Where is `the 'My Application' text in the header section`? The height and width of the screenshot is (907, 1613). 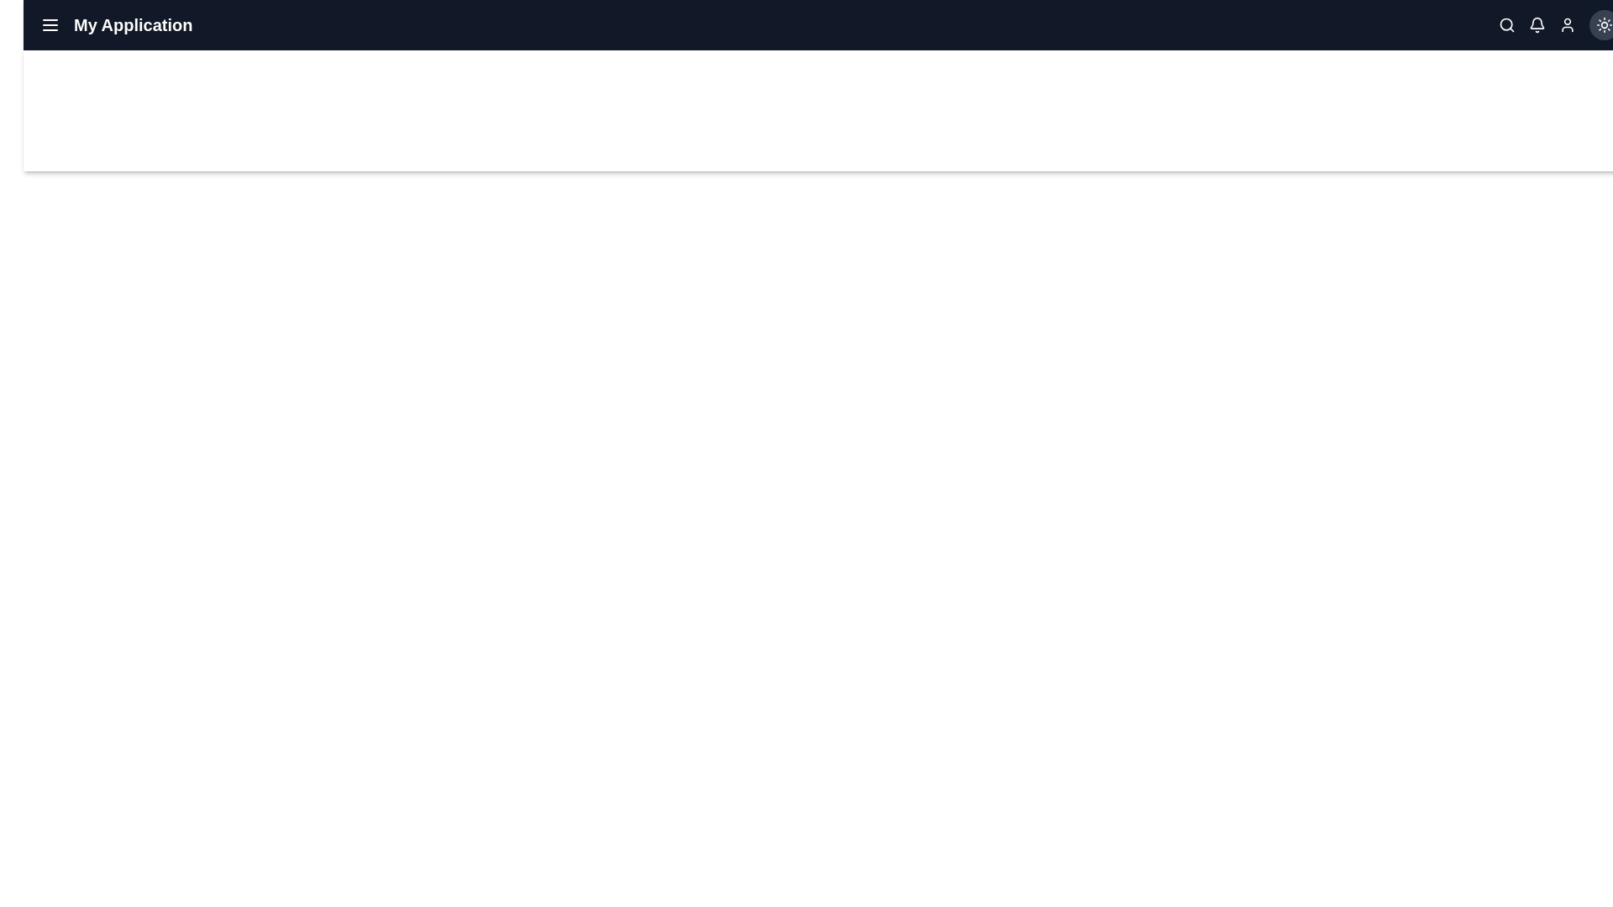 the 'My Application' text in the header section is located at coordinates (115, 25).